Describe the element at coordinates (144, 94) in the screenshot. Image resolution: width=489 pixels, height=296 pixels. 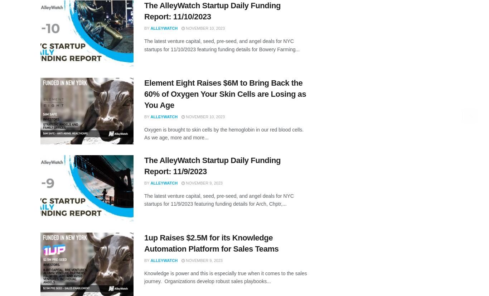
I see `'Element Eight Raises $6M to Bring Back the 60% of Oxygen Your Skin Cells are Losing as You Age'` at that location.